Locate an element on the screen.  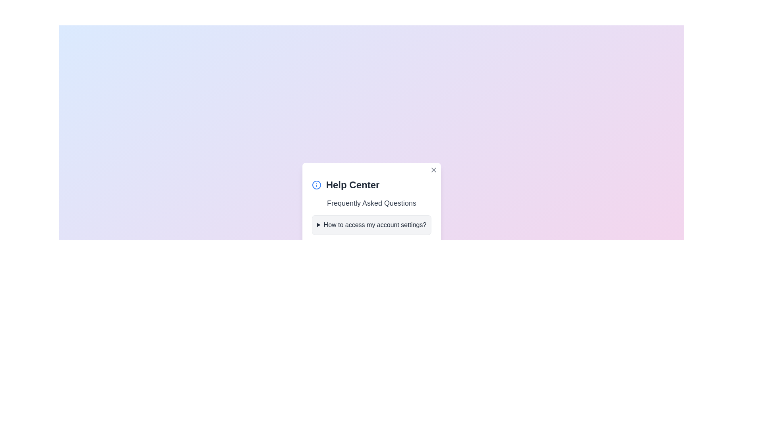
the close button located at the top-right corner of the 'Help Center' modal dialog is located at coordinates (433, 169).